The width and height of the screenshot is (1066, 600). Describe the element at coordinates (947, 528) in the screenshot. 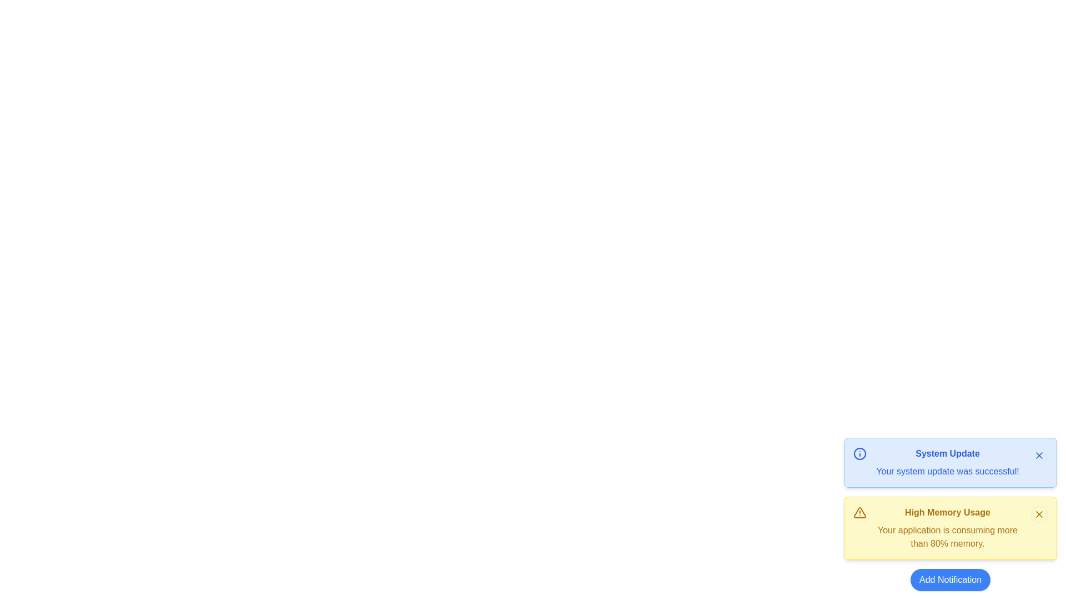

I see `the notification message about memory usage, which is the second notification in the stack, to potentially display a tooltip` at that location.